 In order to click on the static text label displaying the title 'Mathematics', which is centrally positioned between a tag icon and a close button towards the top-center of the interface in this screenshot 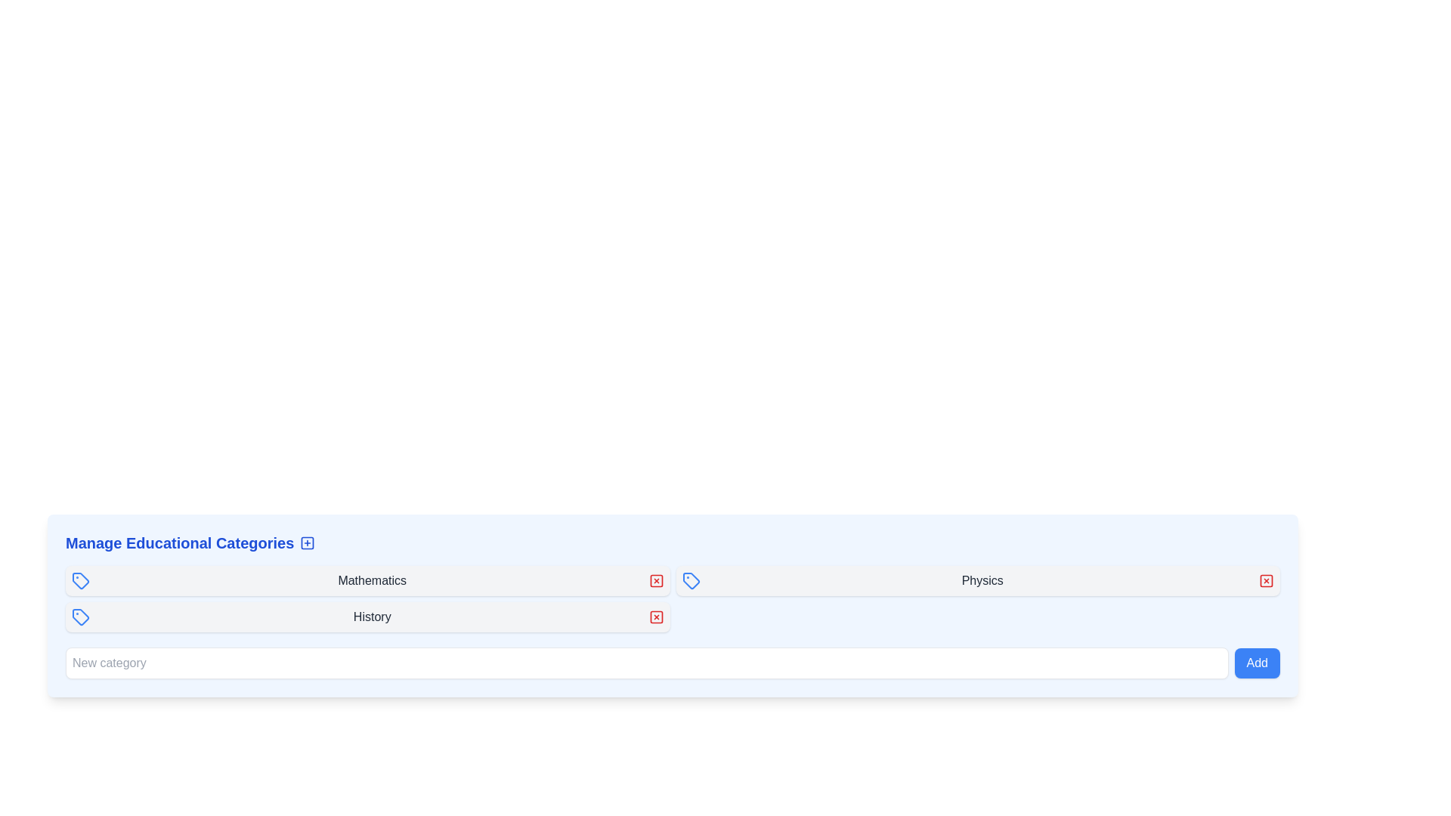, I will do `click(372, 580)`.